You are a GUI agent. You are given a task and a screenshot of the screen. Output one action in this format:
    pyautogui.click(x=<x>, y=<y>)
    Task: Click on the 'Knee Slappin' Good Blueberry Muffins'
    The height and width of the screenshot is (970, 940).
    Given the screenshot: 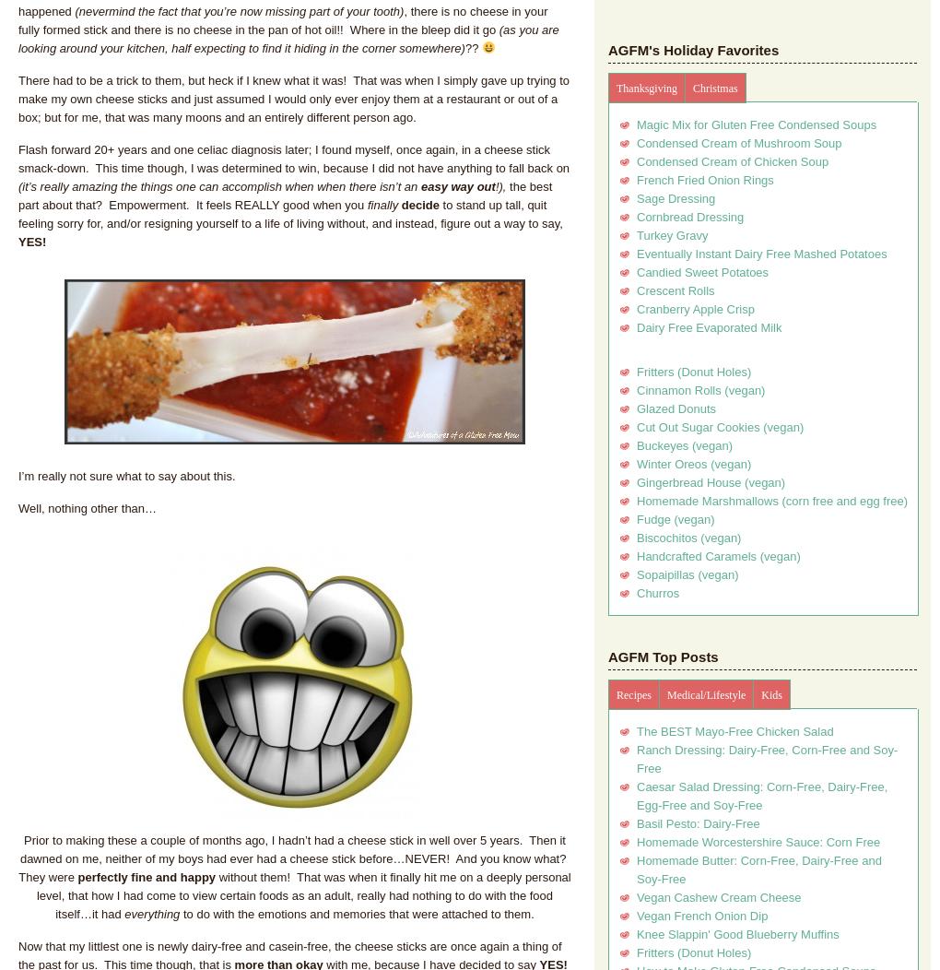 What is the action you would take?
    pyautogui.click(x=736, y=933)
    